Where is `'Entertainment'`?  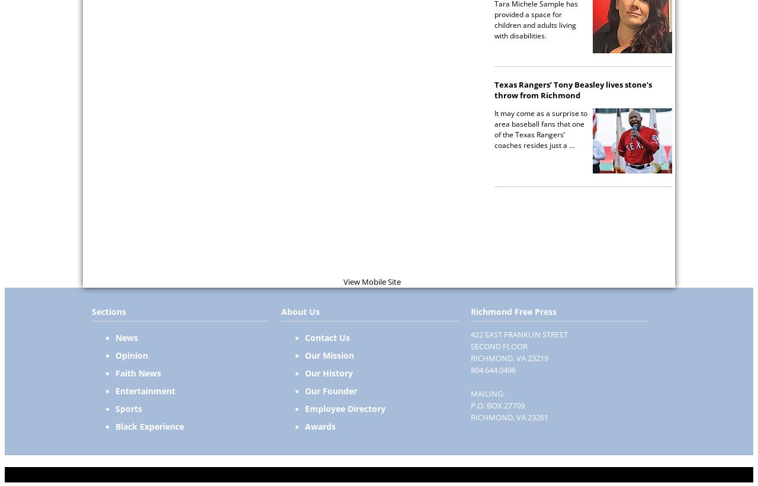 'Entertainment' is located at coordinates (144, 390).